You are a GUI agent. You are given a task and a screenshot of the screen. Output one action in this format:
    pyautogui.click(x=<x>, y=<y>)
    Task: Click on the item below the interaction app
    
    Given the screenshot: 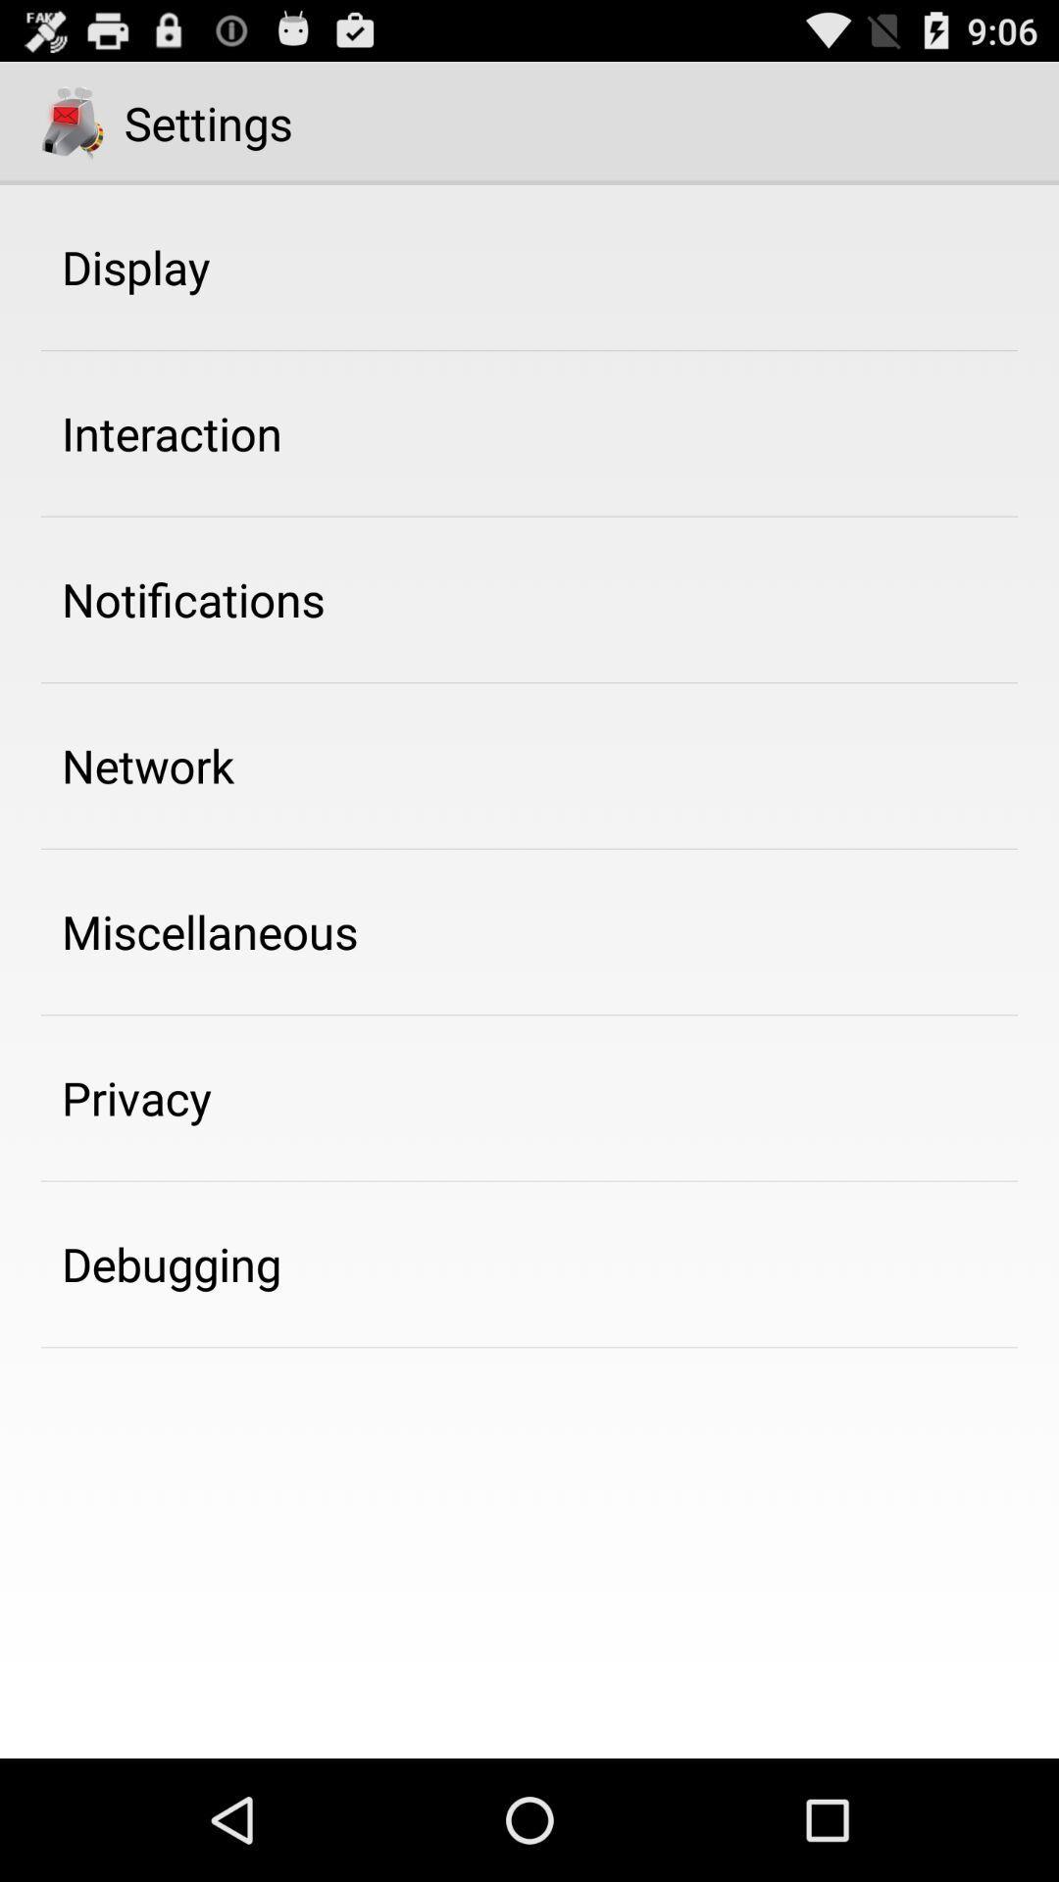 What is the action you would take?
    pyautogui.click(x=193, y=598)
    